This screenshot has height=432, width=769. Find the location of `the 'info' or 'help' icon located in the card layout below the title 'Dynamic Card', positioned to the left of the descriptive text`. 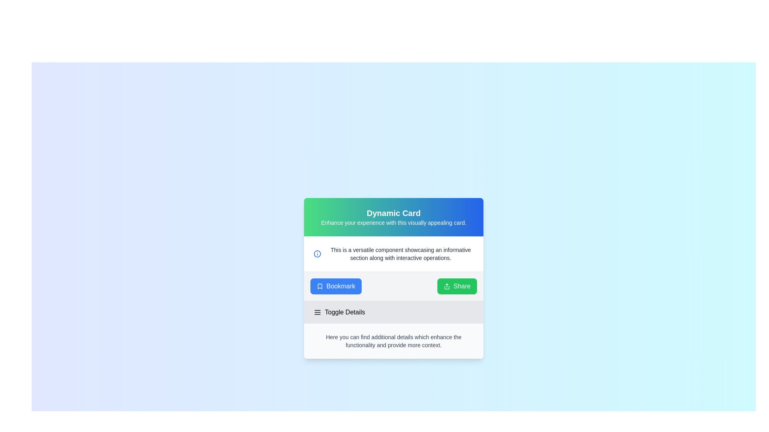

the 'info' or 'help' icon located in the card layout below the title 'Dynamic Card', positioned to the left of the descriptive text is located at coordinates (317, 254).